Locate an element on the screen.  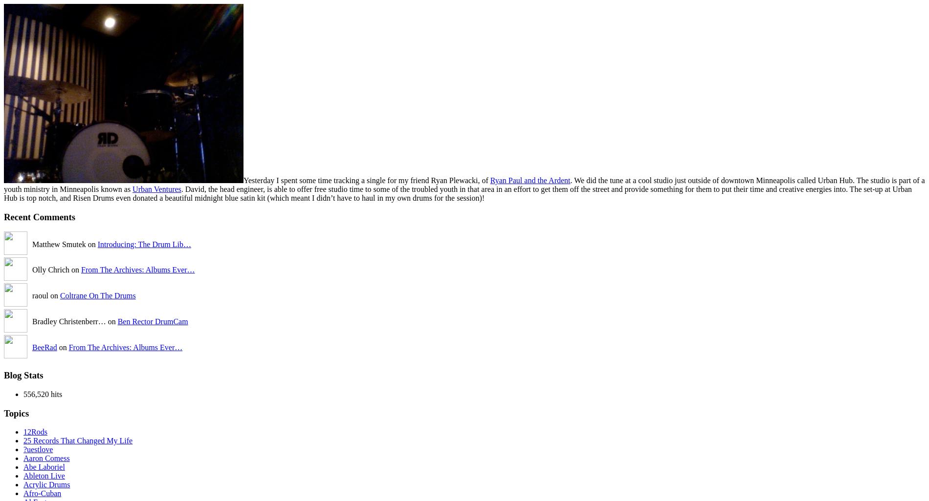
'Acrylic Drums' is located at coordinates (46, 484).